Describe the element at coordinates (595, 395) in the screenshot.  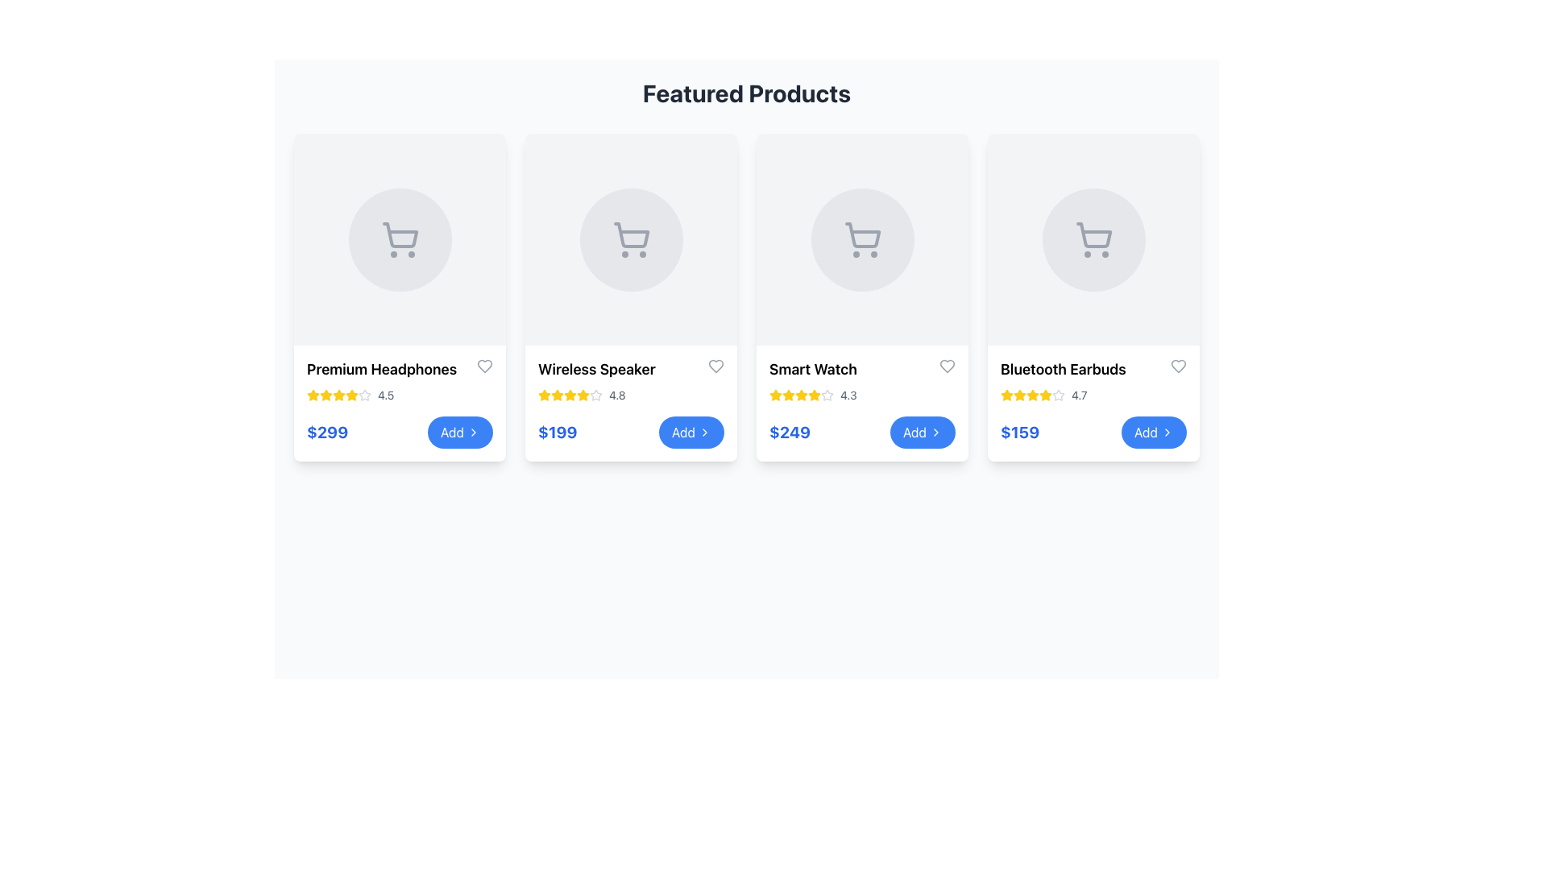
I see `the last star icon representing the unachieved portion of the 4.8 rating below the 'Wireless Speaker' product card in the 'Featured Products' section` at that location.